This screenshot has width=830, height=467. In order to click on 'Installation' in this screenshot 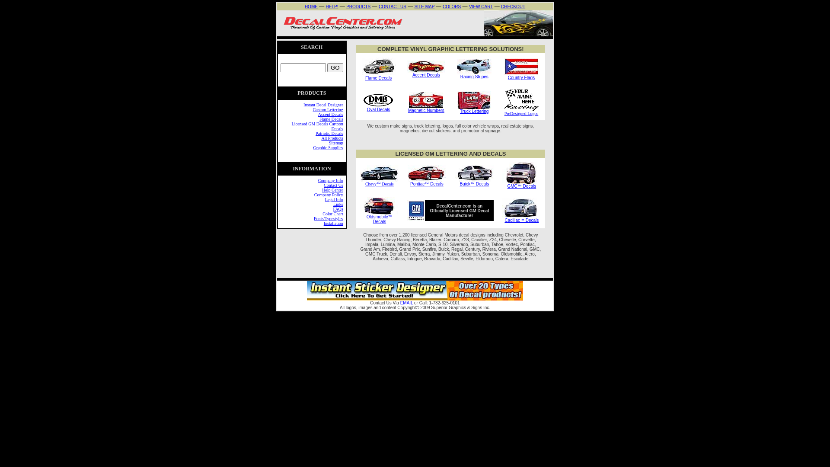, I will do `click(333, 223)`.